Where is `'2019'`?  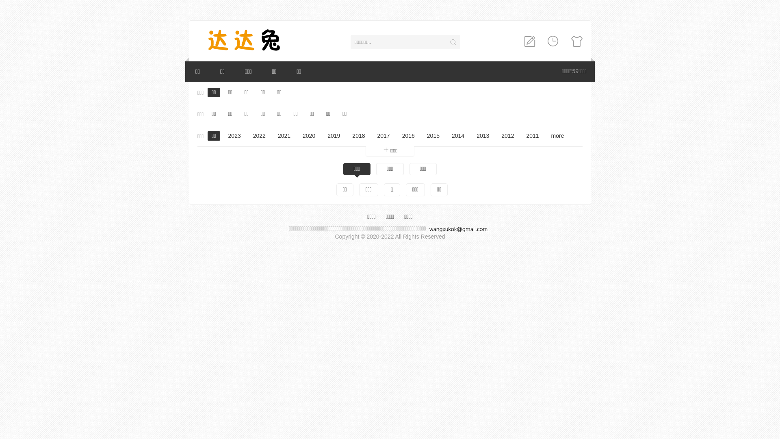 '2019' is located at coordinates (334, 136).